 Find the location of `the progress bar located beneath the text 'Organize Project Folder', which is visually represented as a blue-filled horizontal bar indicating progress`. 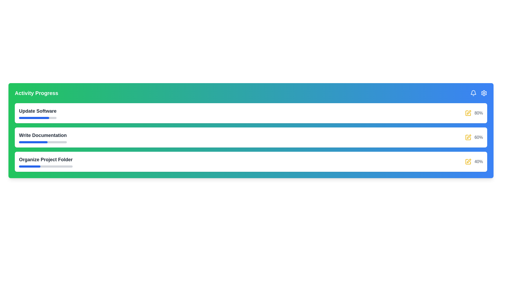

the progress bar located beneath the text 'Organize Project Folder', which is visually represented as a blue-filled horizontal bar indicating progress is located at coordinates (46, 167).